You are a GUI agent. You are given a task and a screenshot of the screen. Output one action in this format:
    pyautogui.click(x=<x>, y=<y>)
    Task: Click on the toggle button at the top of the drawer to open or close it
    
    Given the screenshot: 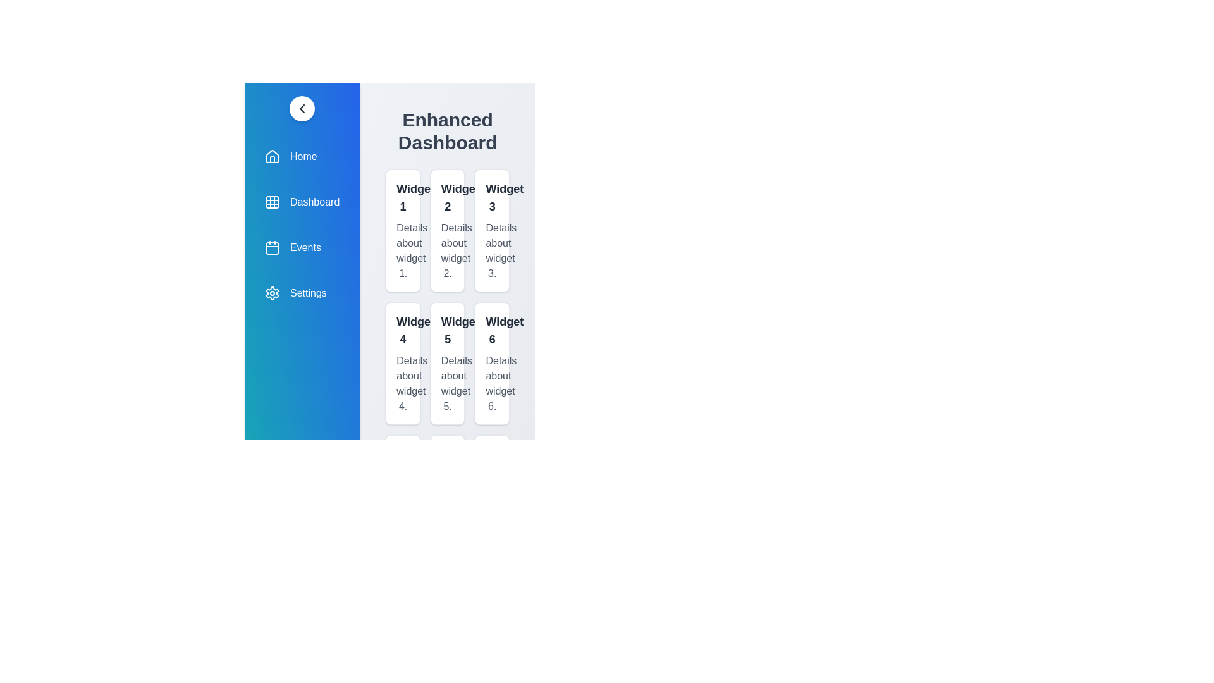 What is the action you would take?
    pyautogui.click(x=302, y=108)
    